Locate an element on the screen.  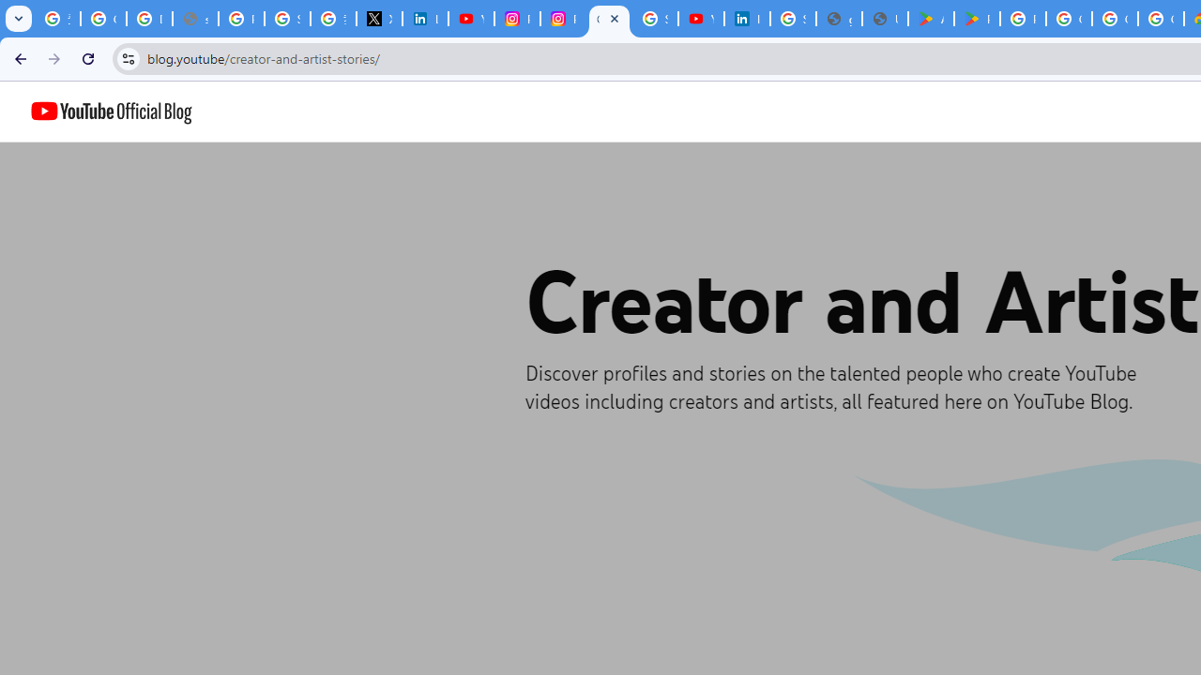
'YouTube Official Blog logo' is located at coordinates (111, 112).